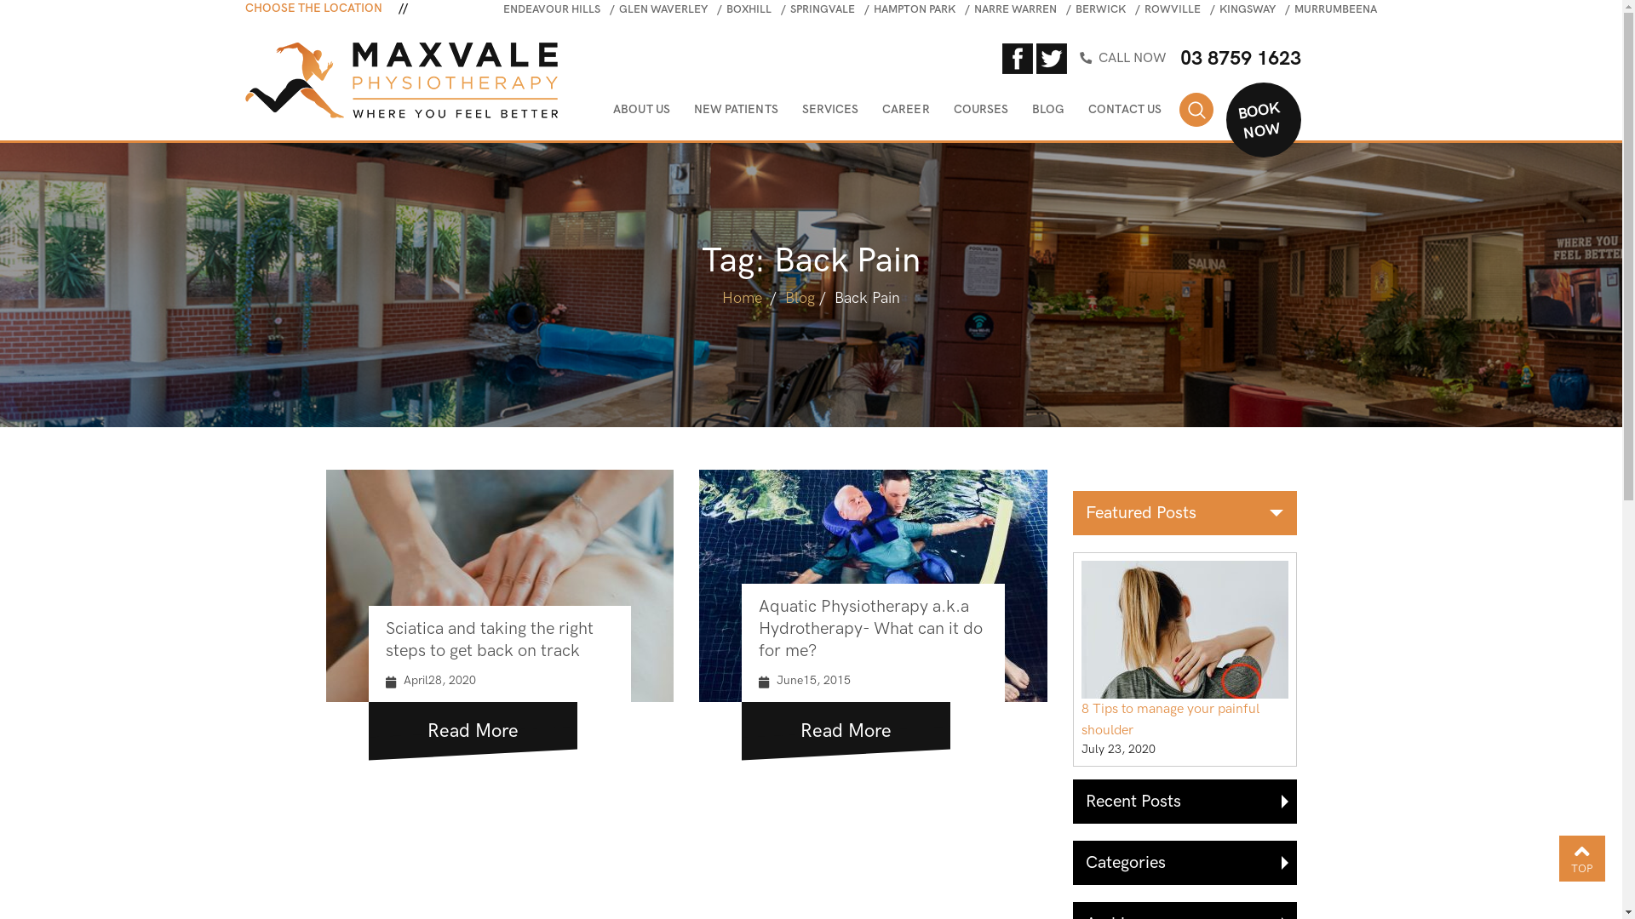 The height and width of the screenshot is (919, 1635). What do you see at coordinates (367, 725) in the screenshot?
I see `'Read More'` at bounding box center [367, 725].